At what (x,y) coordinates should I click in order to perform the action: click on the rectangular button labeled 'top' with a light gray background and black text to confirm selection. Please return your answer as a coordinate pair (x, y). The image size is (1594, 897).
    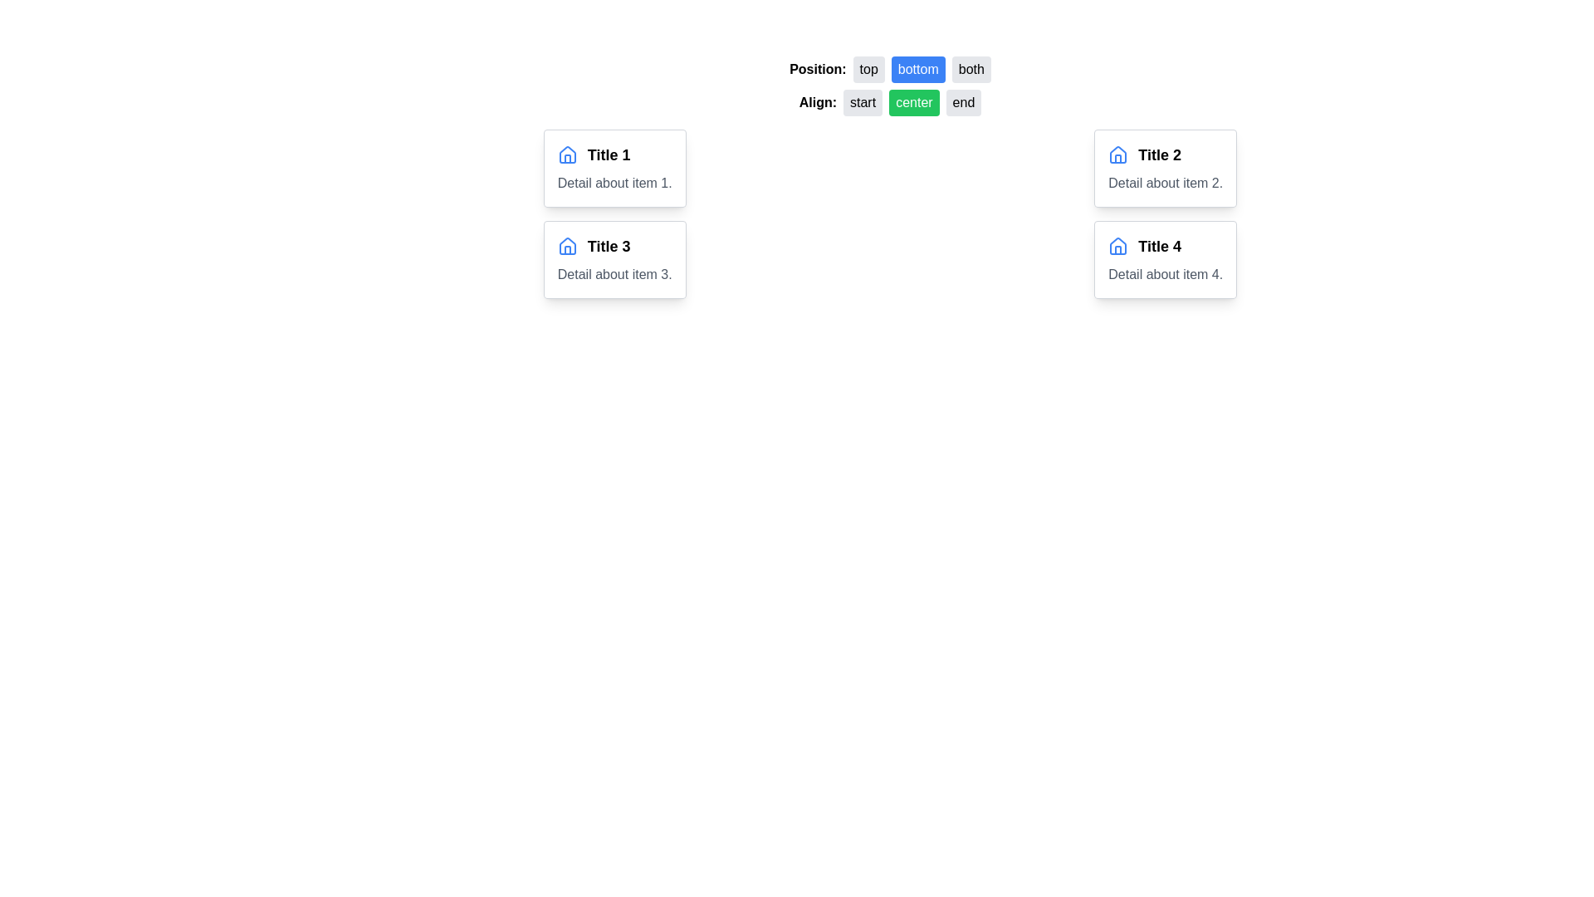
    Looking at the image, I should click on (868, 69).